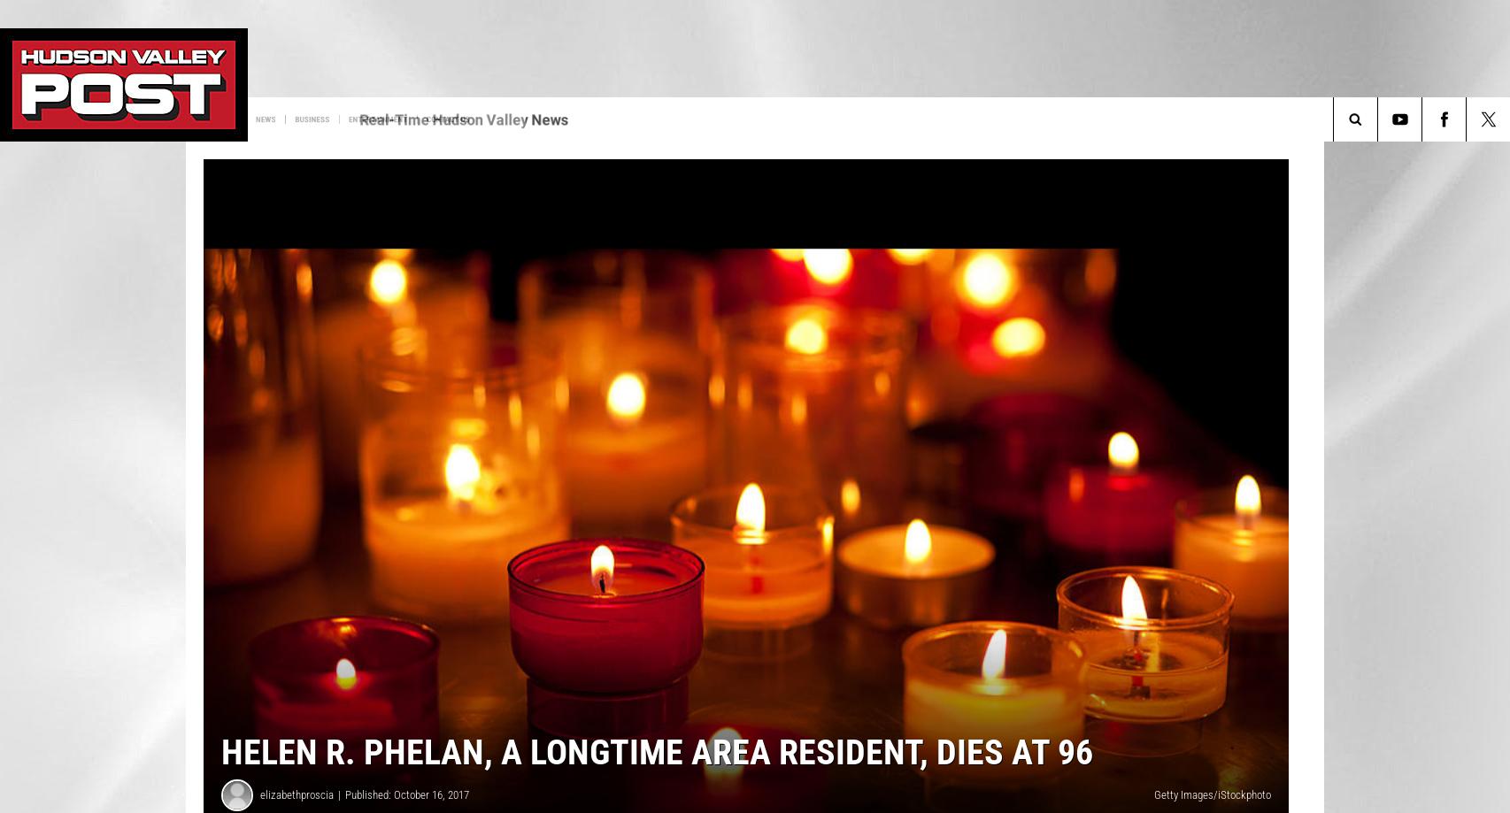  What do you see at coordinates (988, 154) in the screenshot?
I see `'Halloween Hub'` at bounding box center [988, 154].